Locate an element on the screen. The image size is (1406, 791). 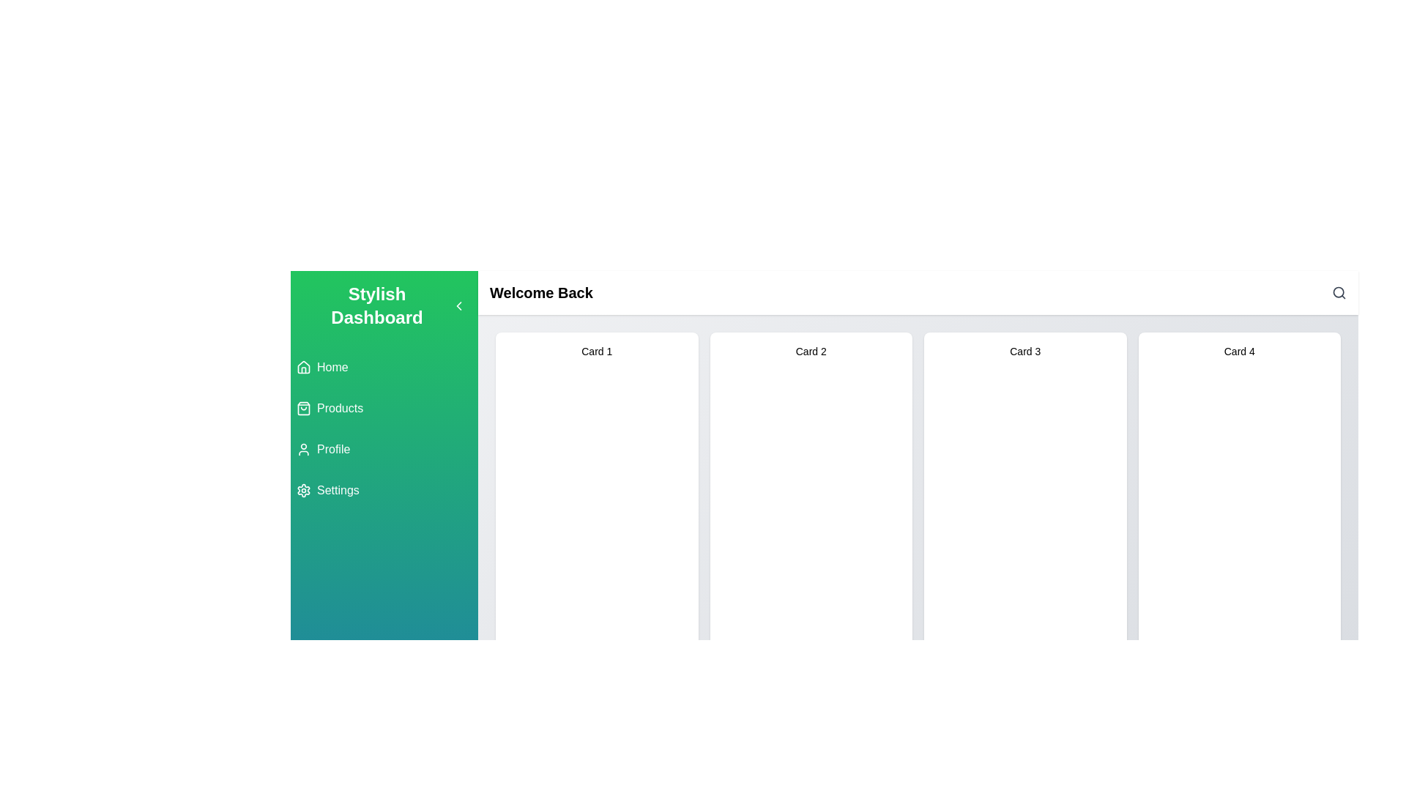
the text label 'Card 2' located in the upper part of the second card from the left in a grid layout, which is in the main section of the interface is located at coordinates (810, 351).